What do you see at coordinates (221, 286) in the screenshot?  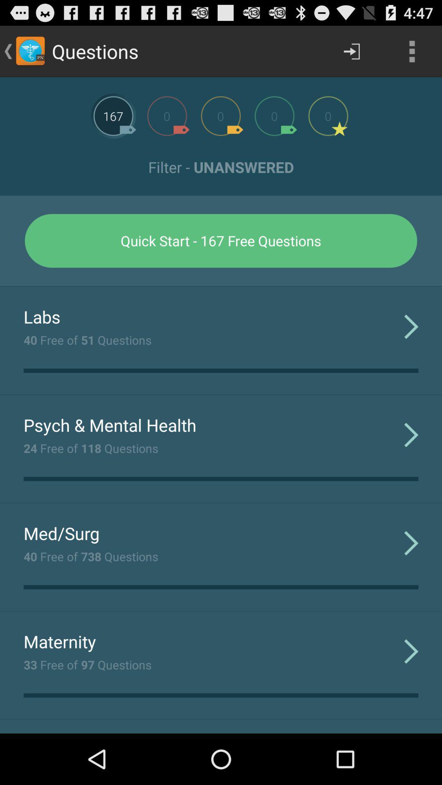 I see `icon at the center` at bounding box center [221, 286].